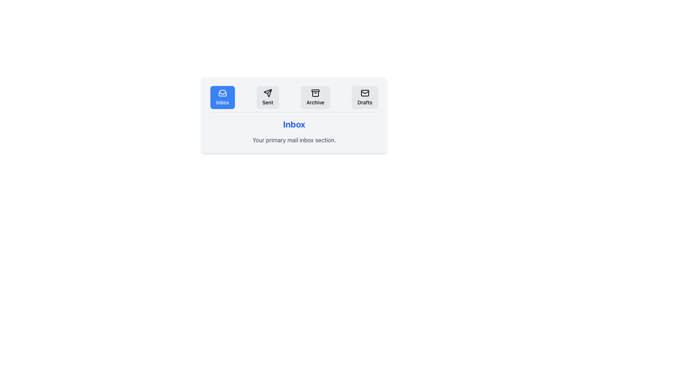  What do you see at coordinates (315, 90) in the screenshot?
I see `the decorative element of the 'Archive' icon, which is positioned near the upper boundary and horizontally centered with respect to the icon` at bounding box center [315, 90].